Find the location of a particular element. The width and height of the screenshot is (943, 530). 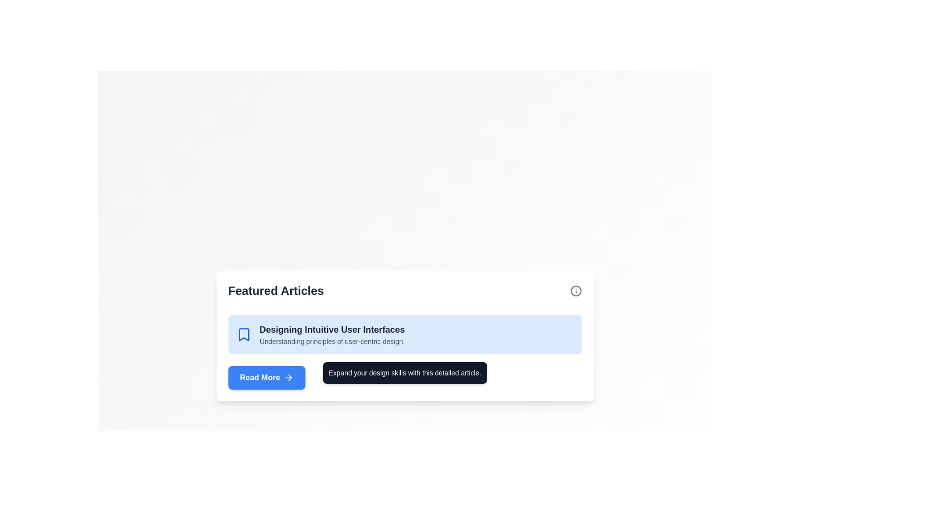

the associated details of the article preview card's descriptive text content, which is located within a light blue background card and positioned above the 'Read More' button is located at coordinates (332, 334).